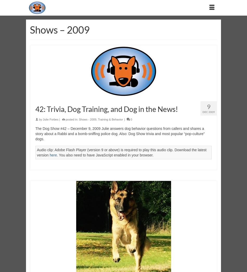  What do you see at coordinates (105, 155) in the screenshot?
I see `'. You also need to have JavaScript enabled in your browser.'` at bounding box center [105, 155].